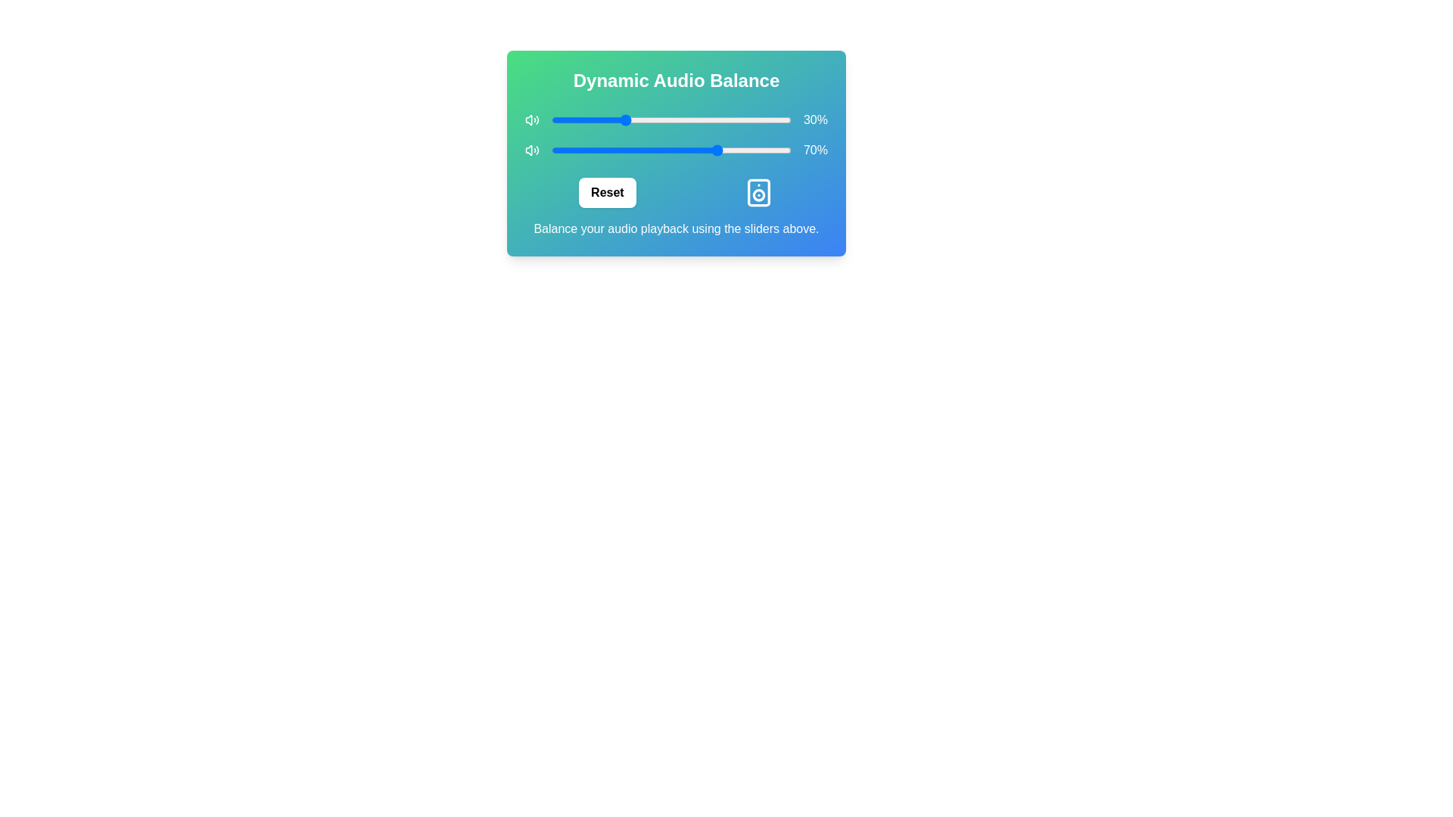  What do you see at coordinates (689, 119) in the screenshot?
I see `the slider` at bounding box center [689, 119].